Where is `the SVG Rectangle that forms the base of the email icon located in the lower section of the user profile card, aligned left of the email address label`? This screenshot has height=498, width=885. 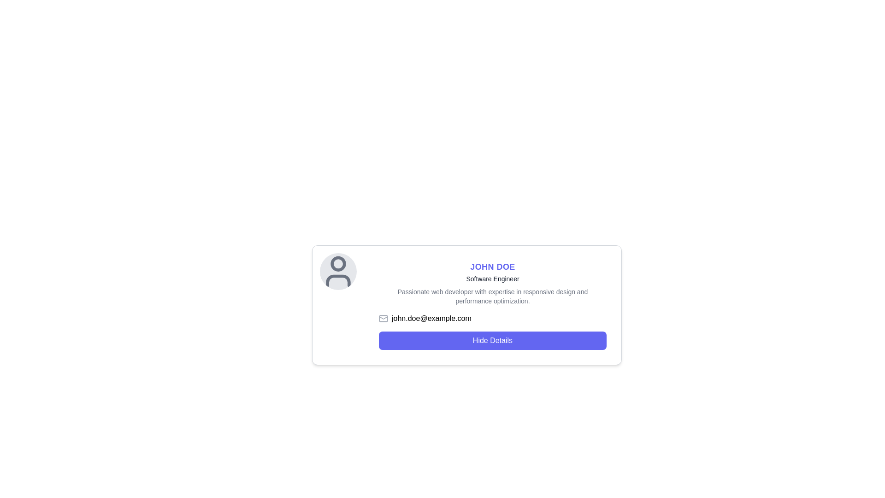 the SVG Rectangle that forms the base of the email icon located in the lower section of the user profile card, aligned left of the email address label is located at coordinates (383, 318).